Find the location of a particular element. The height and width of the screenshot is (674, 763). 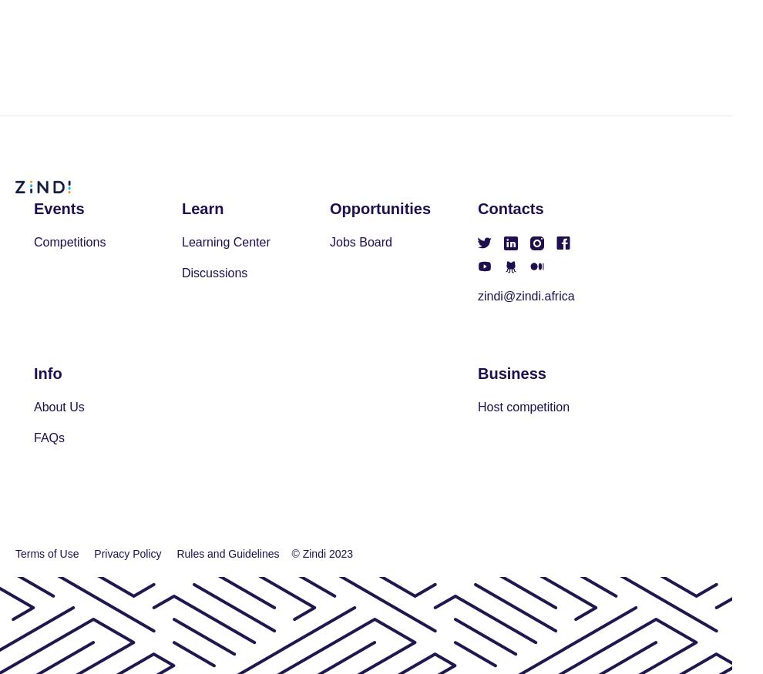

'Jobs Board' is located at coordinates (360, 242).